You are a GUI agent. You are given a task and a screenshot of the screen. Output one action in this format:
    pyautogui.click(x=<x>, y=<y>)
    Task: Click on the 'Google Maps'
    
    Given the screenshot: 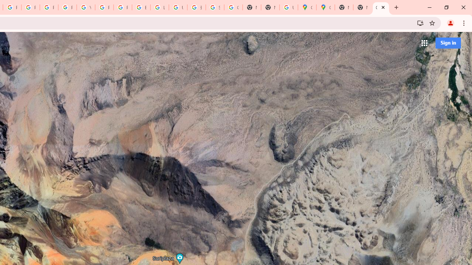 What is the action you would take?
    pyautogui.click(x=325, y=7)
    